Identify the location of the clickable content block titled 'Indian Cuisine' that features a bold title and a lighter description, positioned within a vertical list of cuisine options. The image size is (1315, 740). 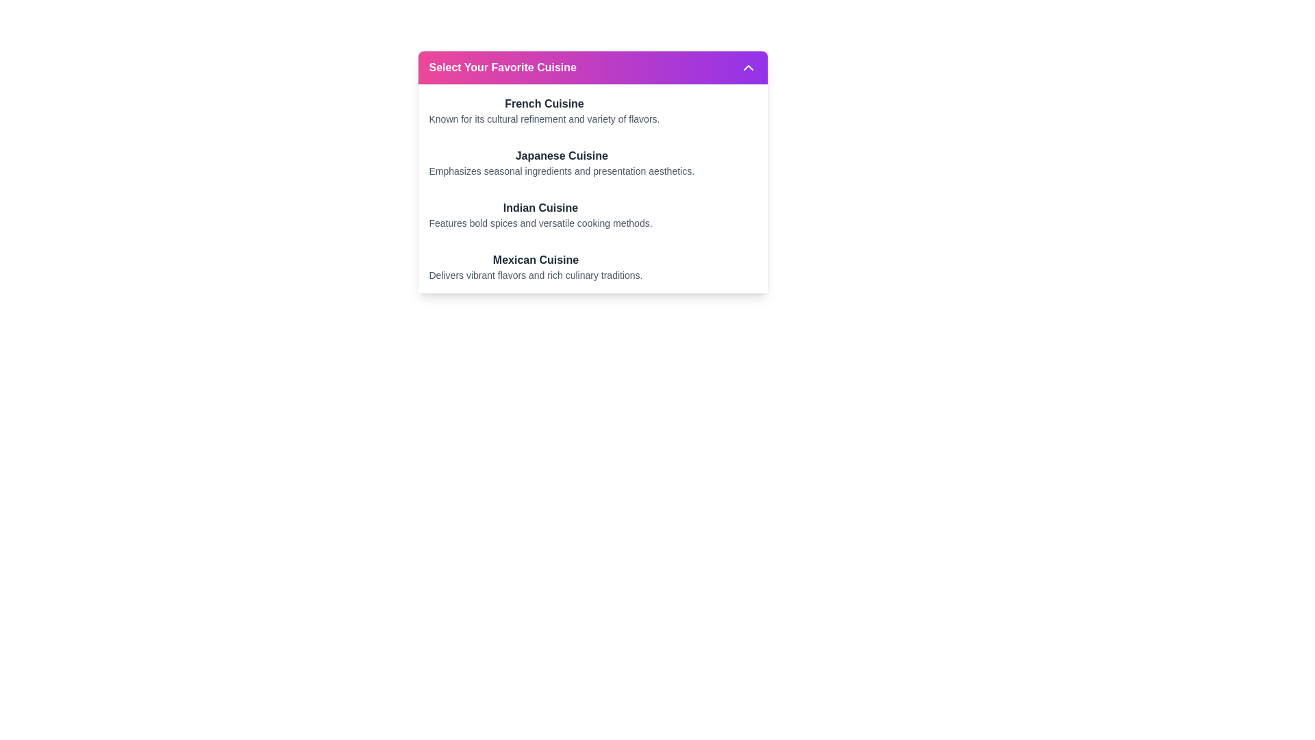
(592, 214).